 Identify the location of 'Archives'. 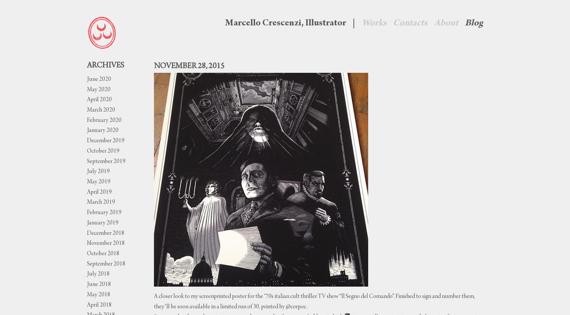
(105, 65).